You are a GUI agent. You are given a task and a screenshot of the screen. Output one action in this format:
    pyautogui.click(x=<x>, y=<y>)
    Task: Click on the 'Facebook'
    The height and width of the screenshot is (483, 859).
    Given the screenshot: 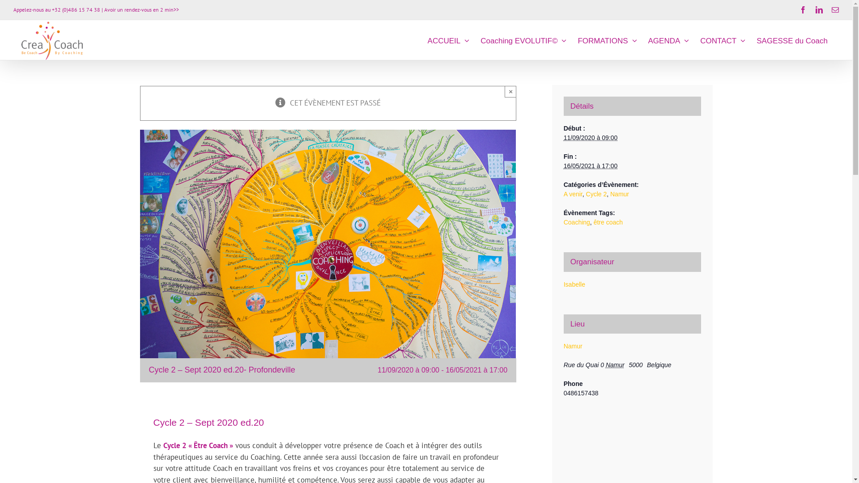 What is the action you would take?
    pyautogui.click(x=799, y=10)
    